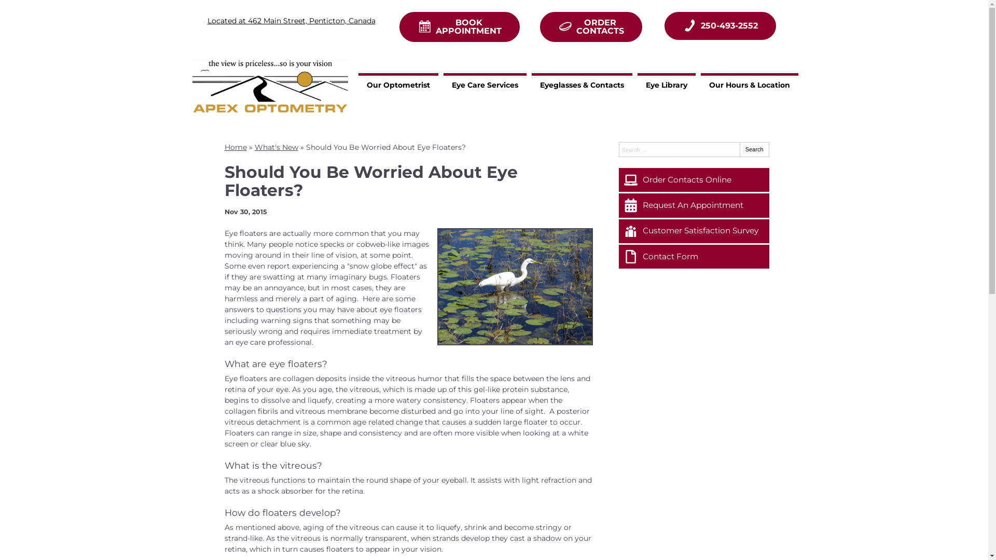 The width and height of the screenshot is (996, 560). What do you see at coordinates (397, 26) in the screenshot?
I see `'BOOK APPOINTMENT'` at bounding box center [397, 26].